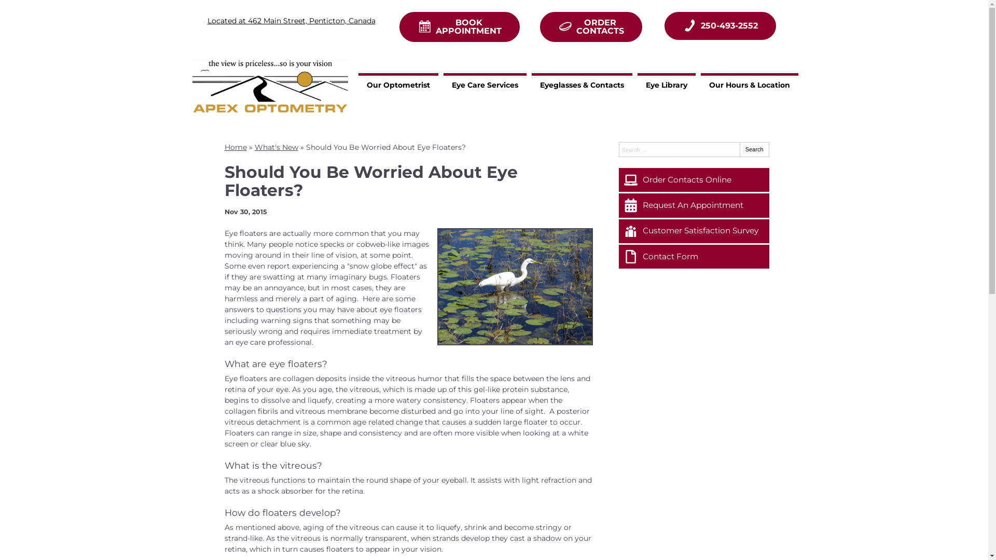 The width and height of the screenshot is (996, 560). What do you see at coordinates (397, 26) in the screenshot?
I see `'BOOK APPOINTMENT'` at bounding box center [397, 26].